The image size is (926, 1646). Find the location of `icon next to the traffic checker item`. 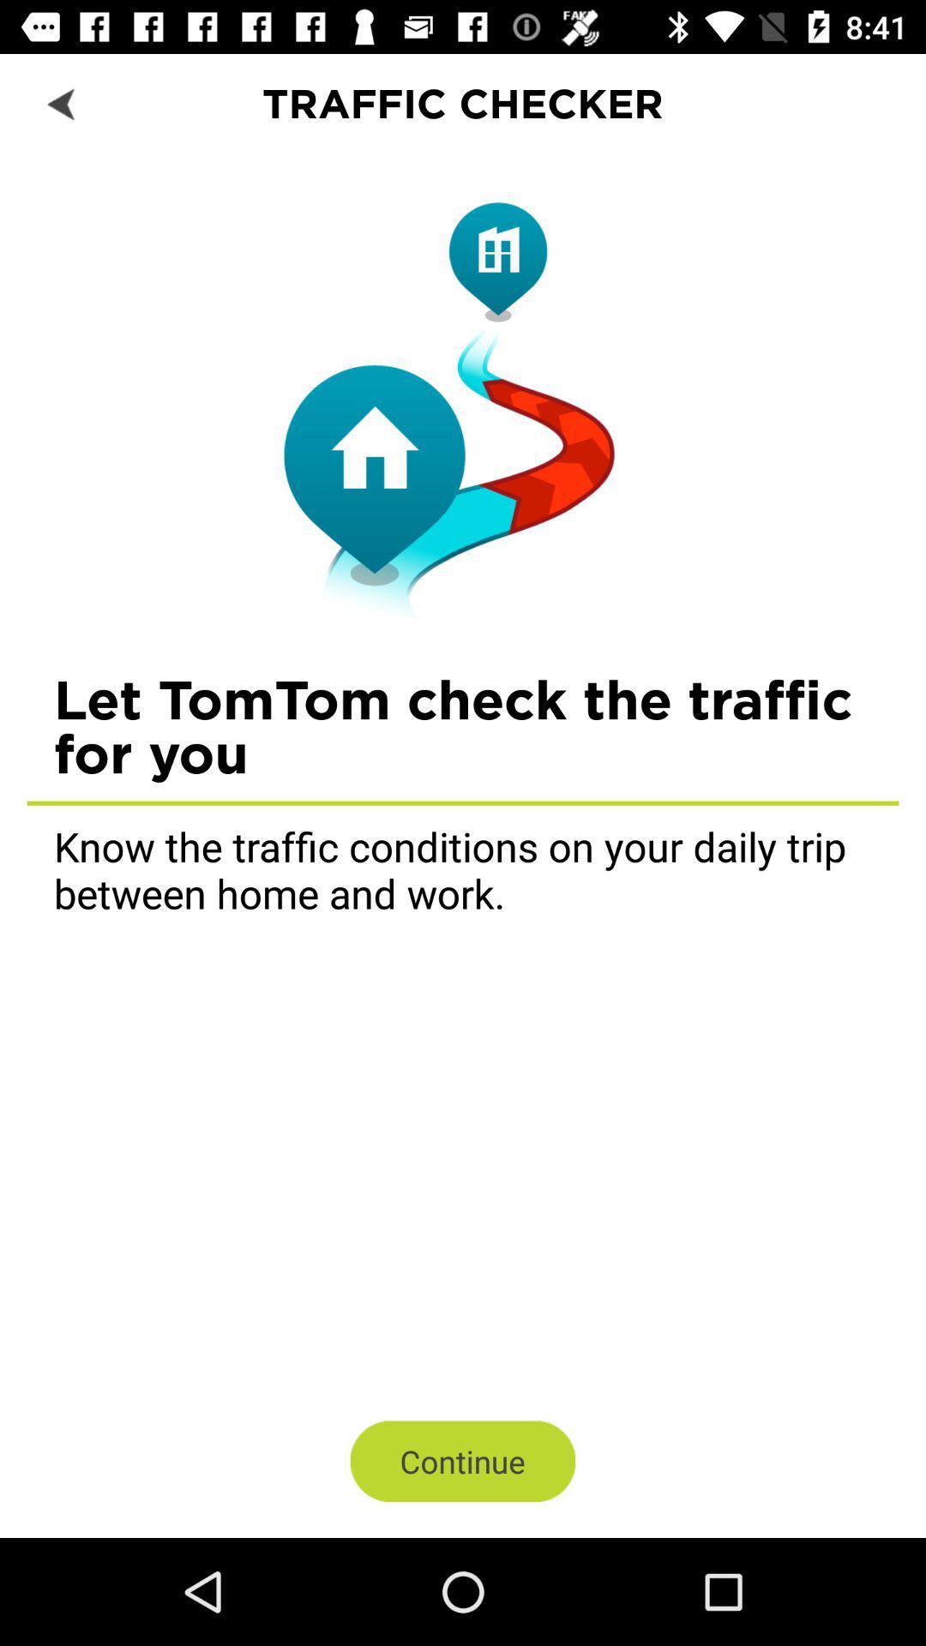

icon next to the traffic checker item is located at coordinates (62, 102).